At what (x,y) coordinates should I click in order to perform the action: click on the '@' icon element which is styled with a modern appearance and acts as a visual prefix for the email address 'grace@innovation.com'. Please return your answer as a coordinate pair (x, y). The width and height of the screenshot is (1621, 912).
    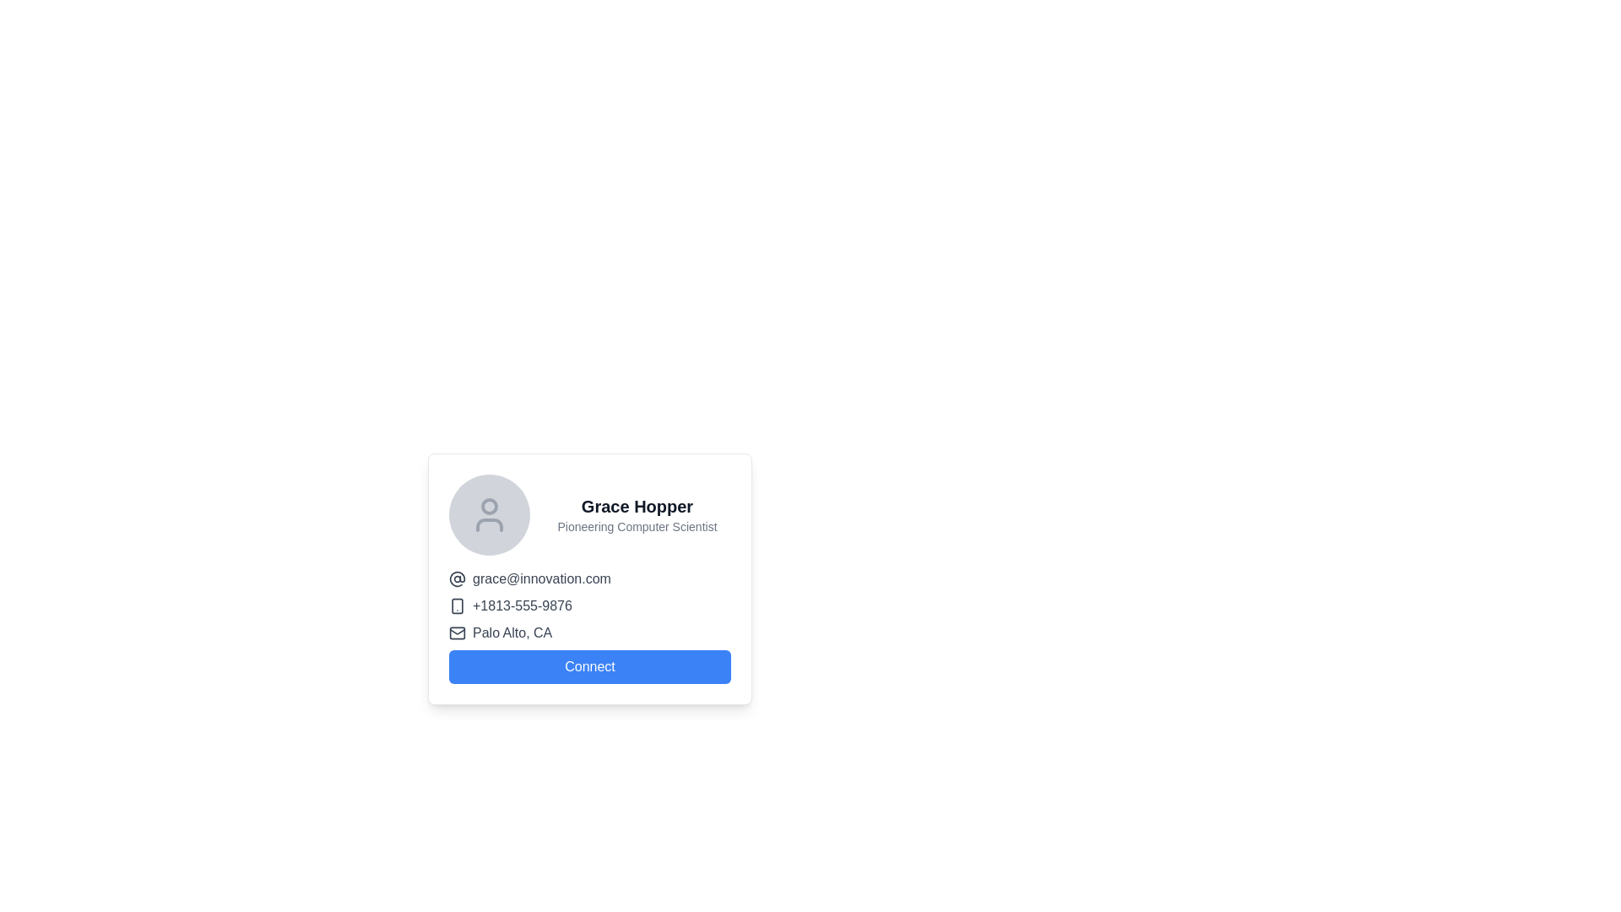
    Looking at the image, I should click on (458, 578).